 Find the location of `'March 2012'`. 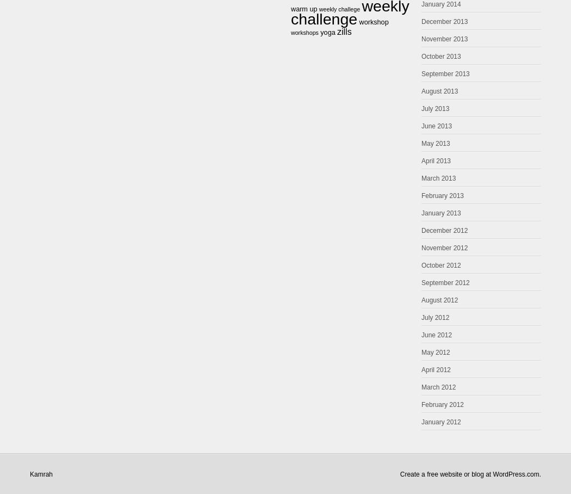

'March 2012' is located at coordinates (438, 386).